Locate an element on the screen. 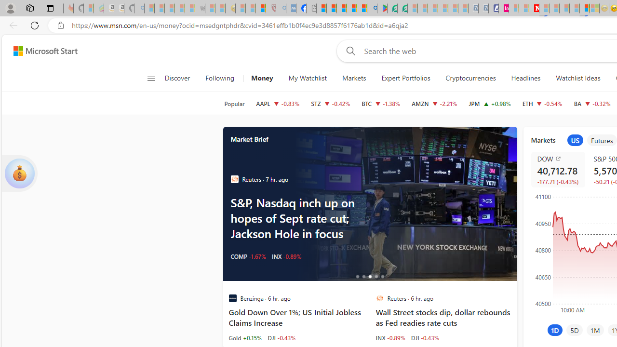 This screenshot has width=617, height=347. 'BTC Bitcoin decrease 60,534.75 -837.20 -1.38%' is located at coordinates (381, 103).